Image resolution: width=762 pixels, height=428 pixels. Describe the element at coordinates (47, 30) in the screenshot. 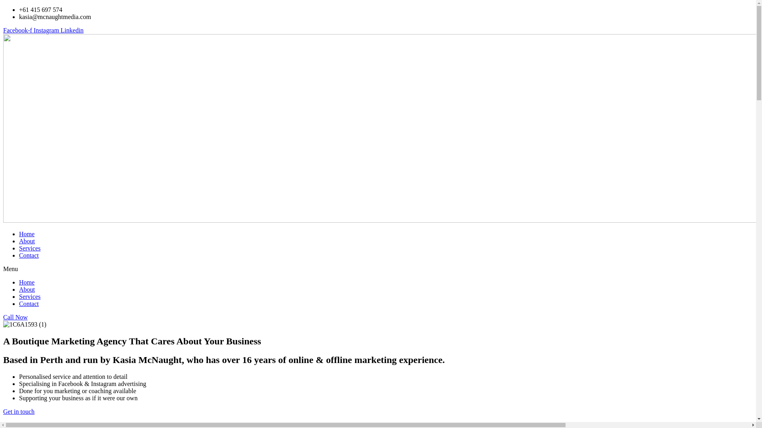

I see `'Instagram'` at that location.